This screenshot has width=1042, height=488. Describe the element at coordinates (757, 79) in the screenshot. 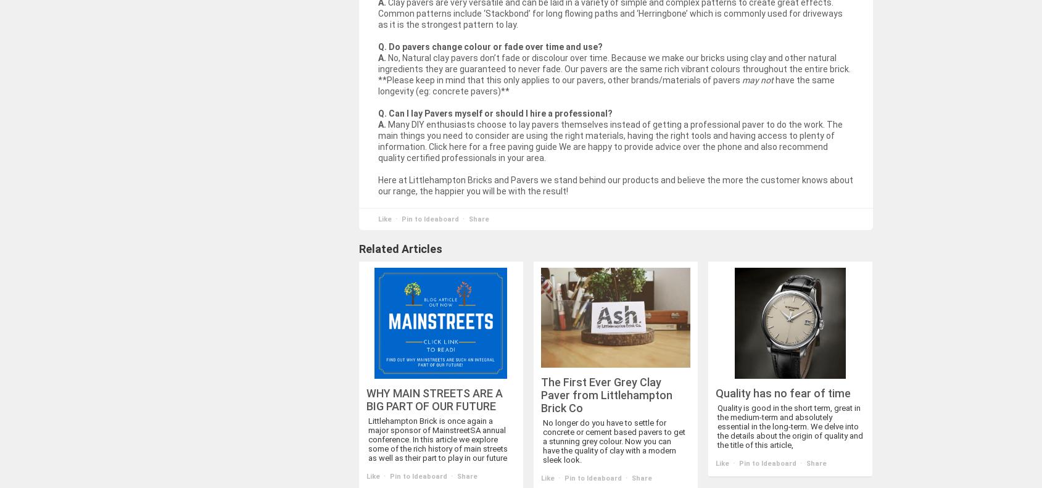

I see `'may not'` at that location.